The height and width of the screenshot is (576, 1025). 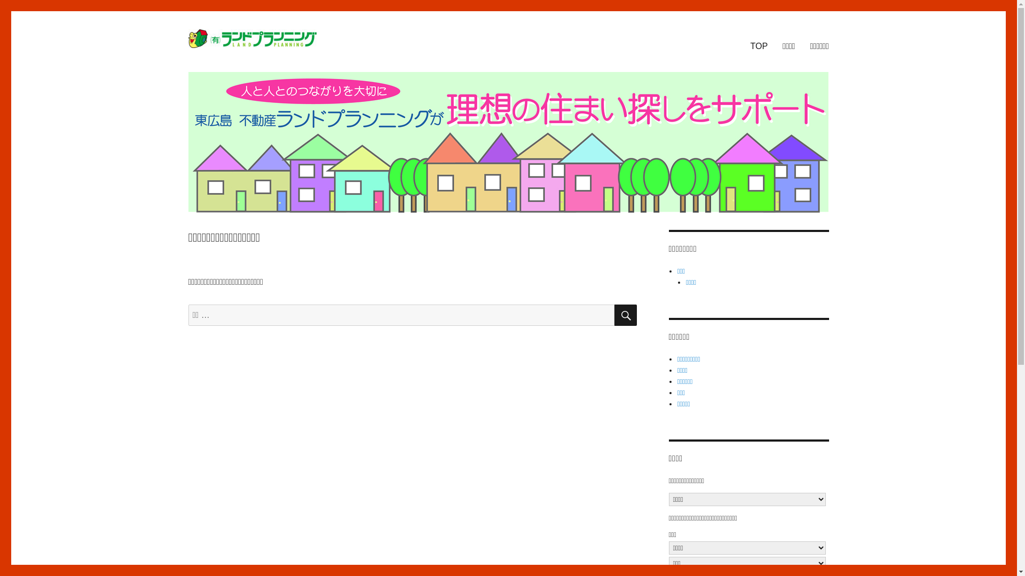 What do you see at coordinates (742, 45) in the screenshot?
I see `'TOP'` at bounding box center [742, 45].